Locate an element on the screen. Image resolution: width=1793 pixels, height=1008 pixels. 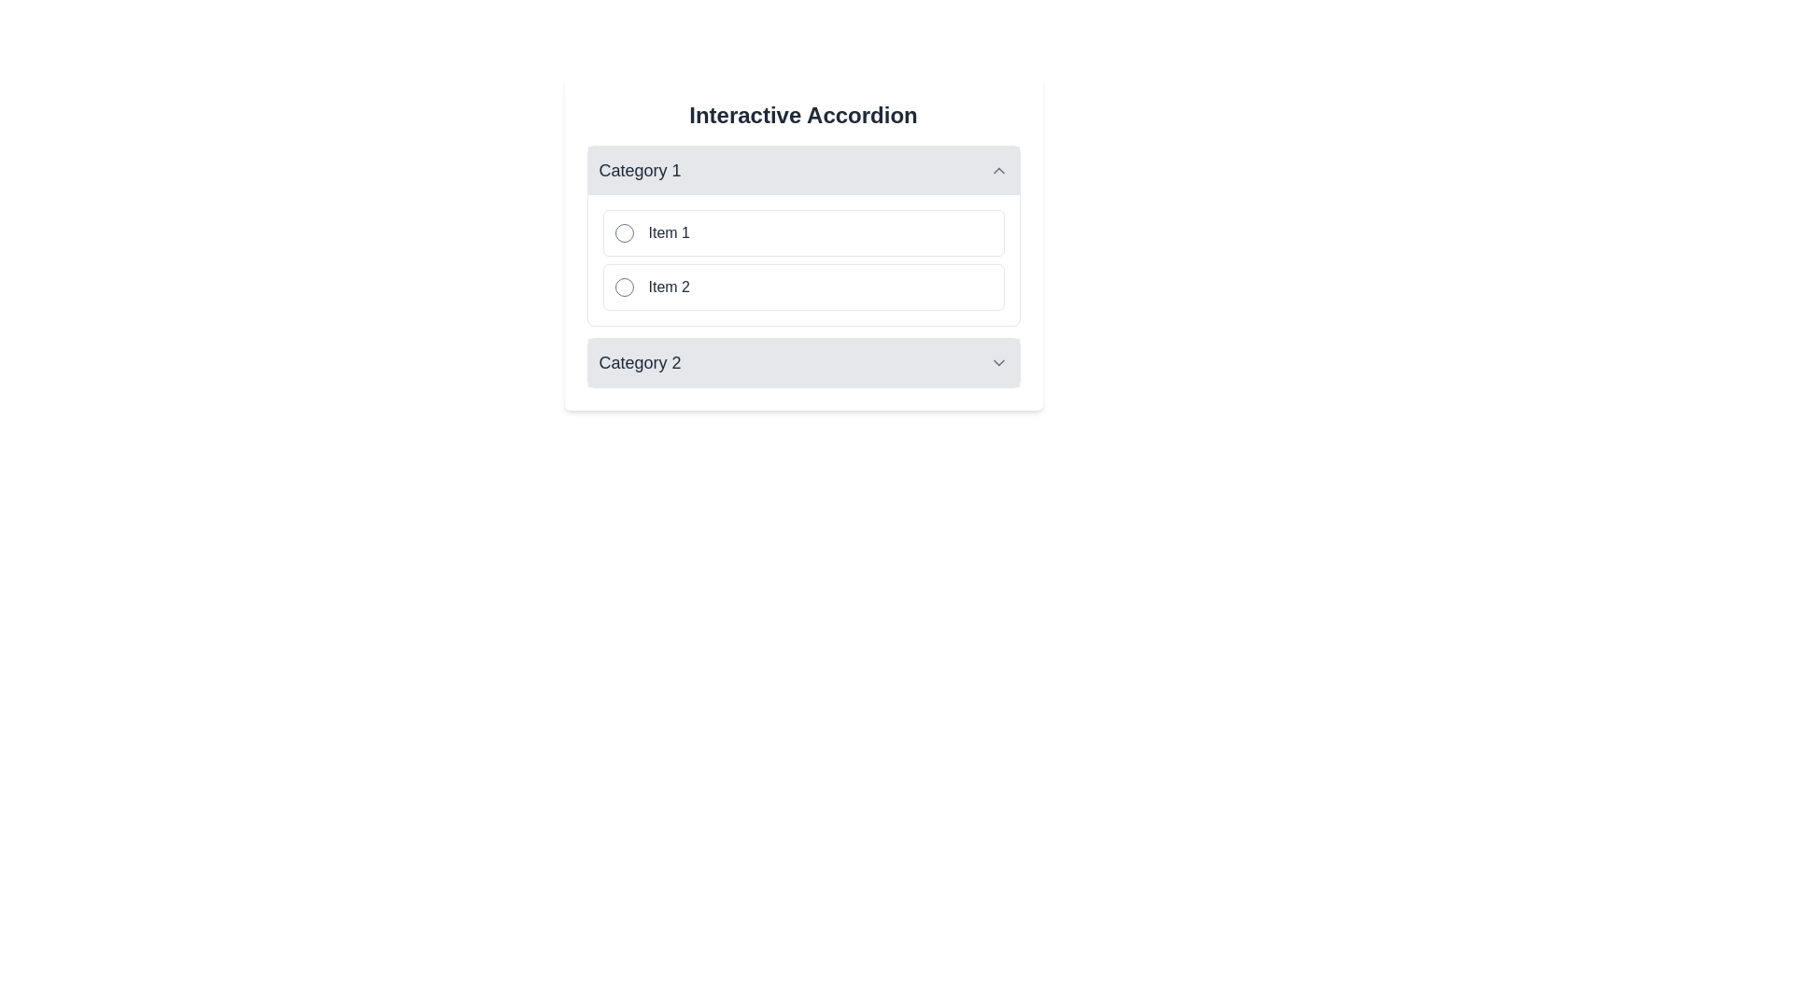
the second Accordion title bar is located at coordinates (803, 363).